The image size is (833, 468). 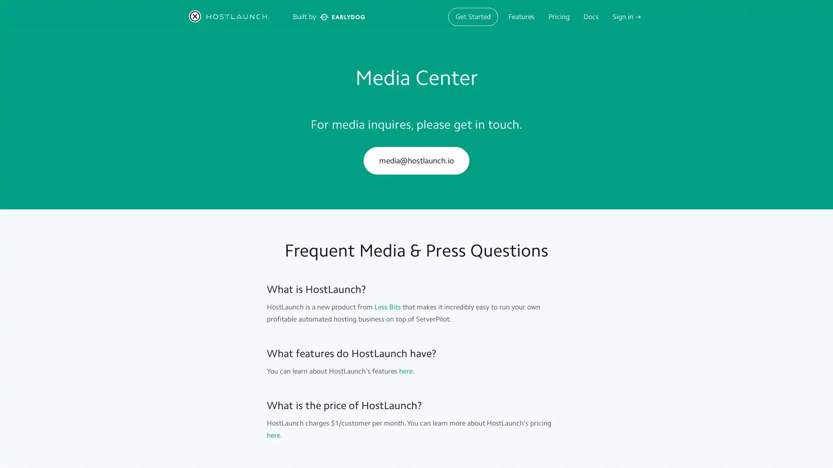 I want to click on Sign in, so click(x=626, y=16).